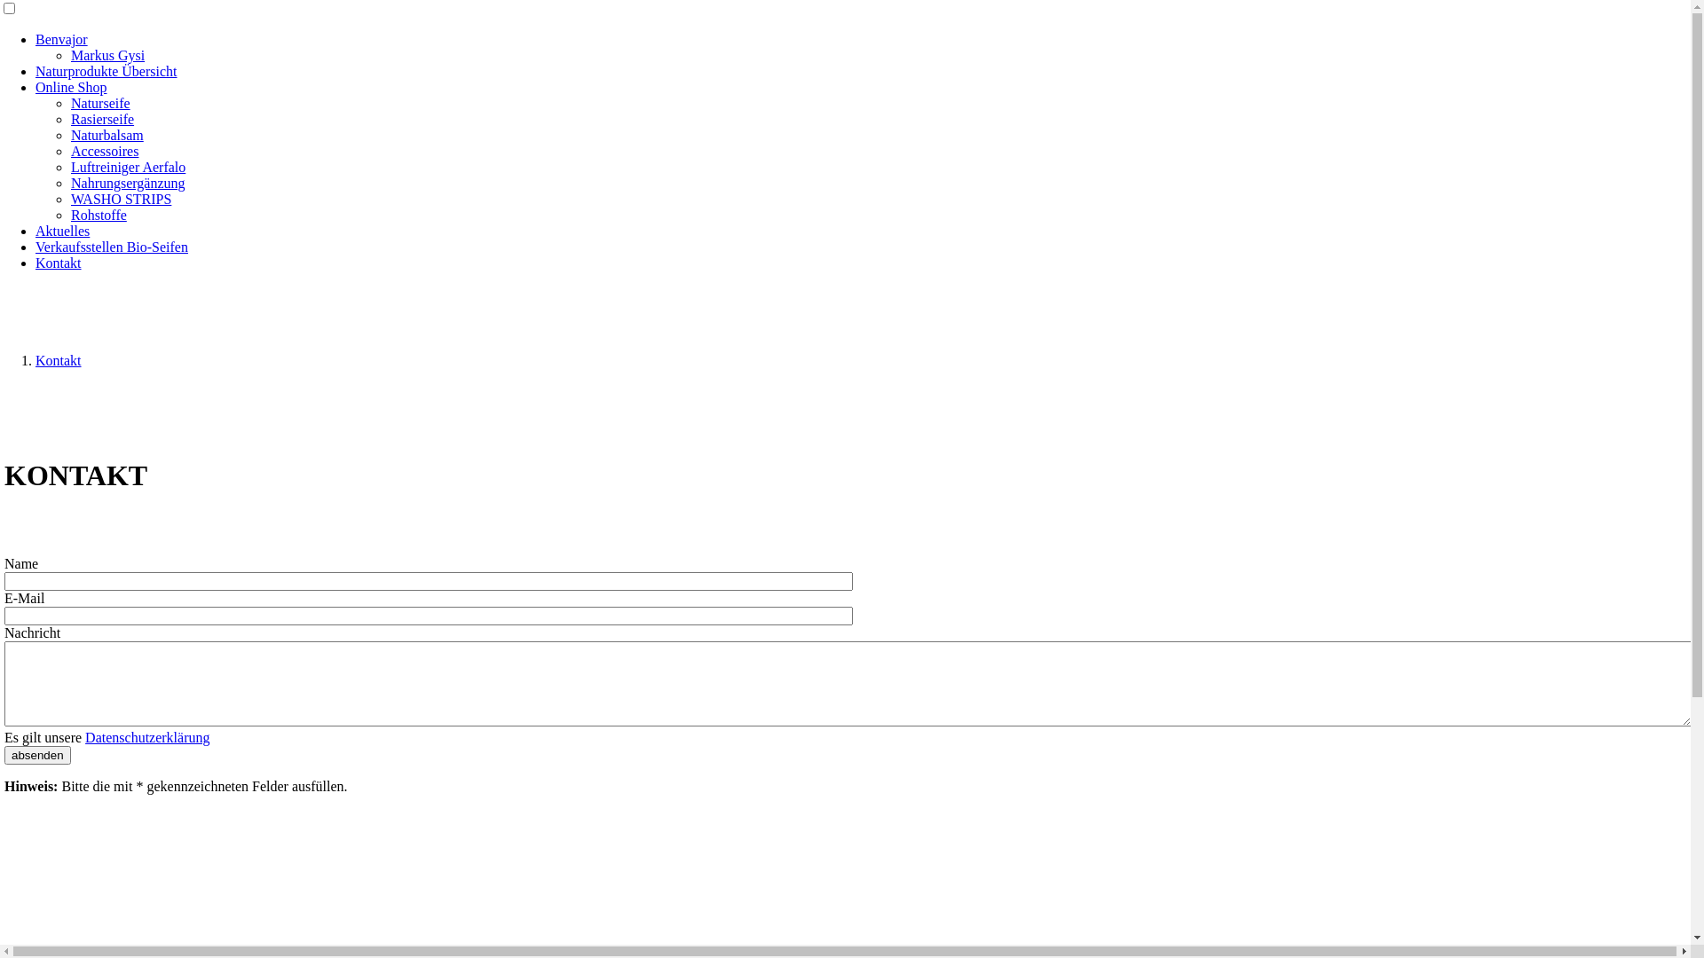 The image size is (1704, 958). What do you see at coordinates (59, 359) in the screenshot?
I see `'Kontakt'` at bounding box center [59, 359].